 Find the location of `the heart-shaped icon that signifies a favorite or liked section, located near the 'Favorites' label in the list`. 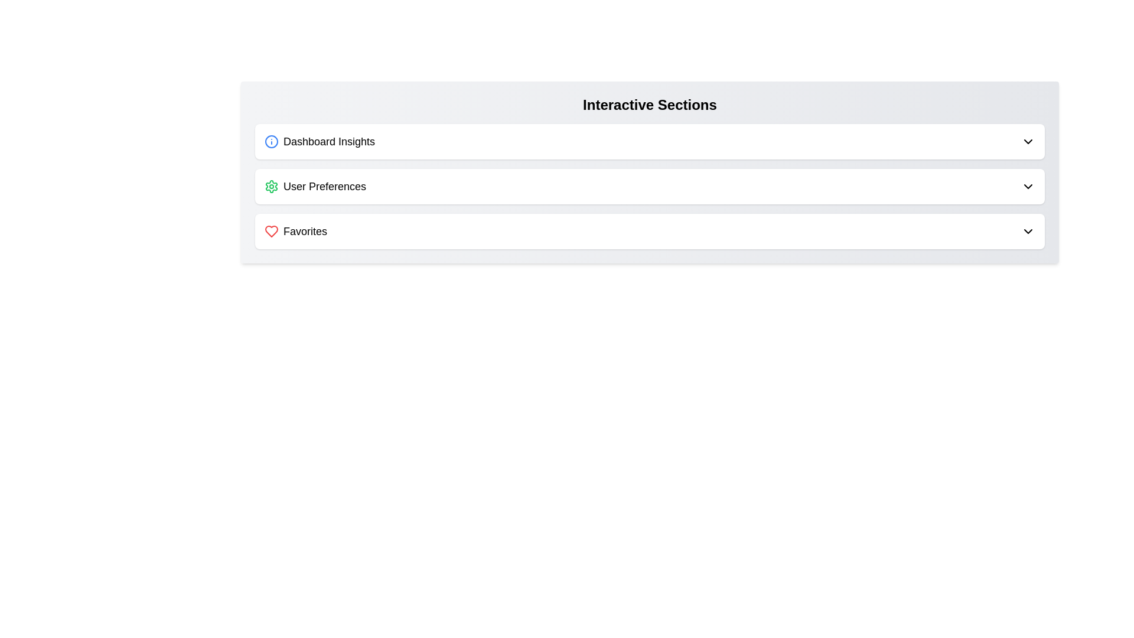

the heart-shaped icon that signifies a favorite or liked section, located near the 'Favorites' label in the list is located at coordinates (271, 232).